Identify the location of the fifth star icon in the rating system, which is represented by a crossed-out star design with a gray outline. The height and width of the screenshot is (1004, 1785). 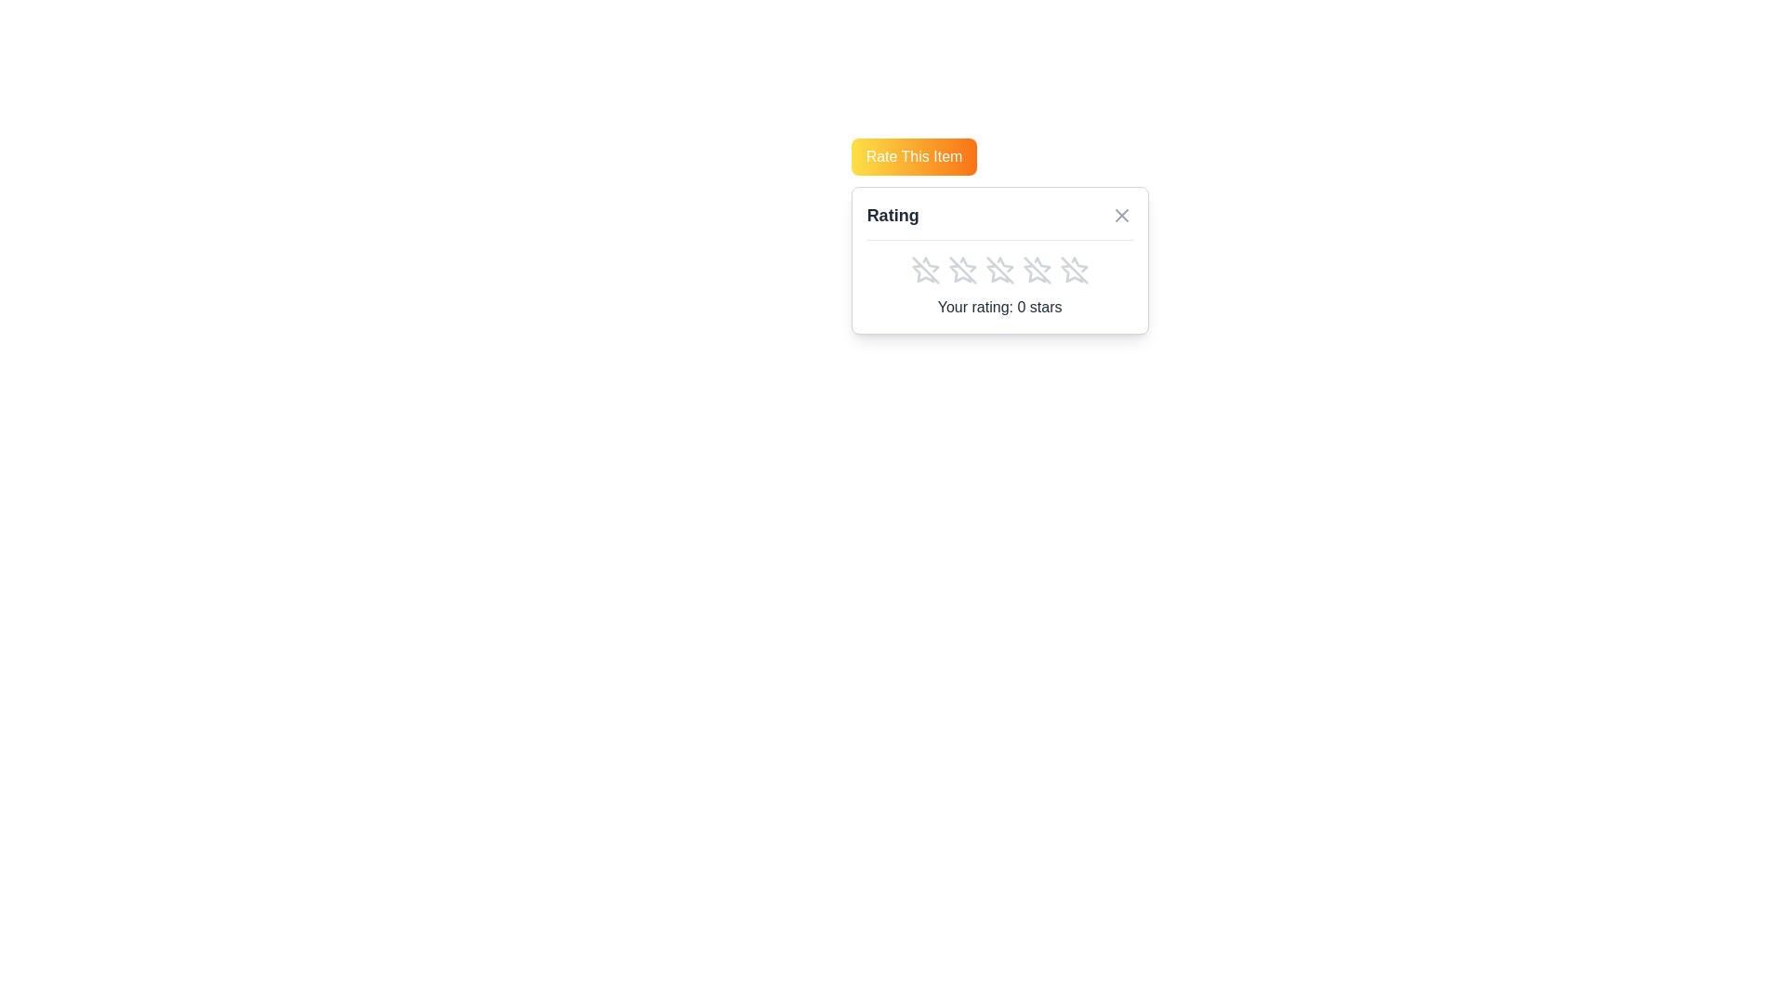
(1074, 270).